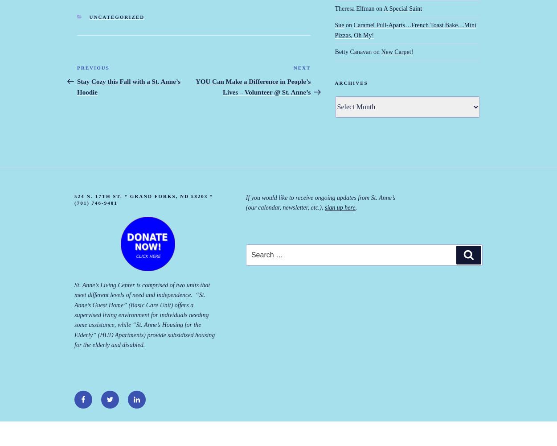 The image size is (557, 446). I want to click on 'A Special Saint', so click(402, 8).